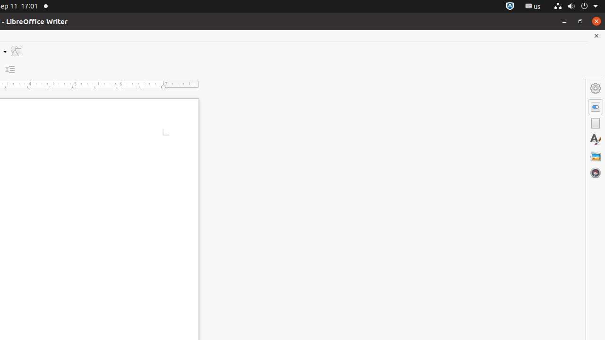 The image size is (605, 340). I want to click on 'Gallery', so click(595, 155).